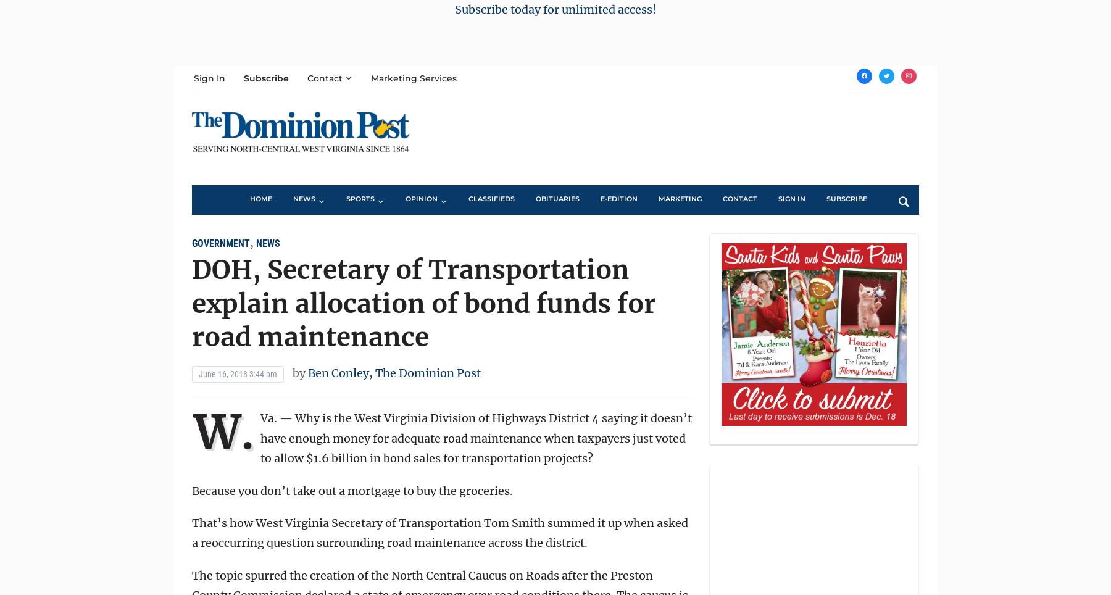  What do you see at coordinates (491, 198) in the screenshot?
I see `'Classifieds'` at bounding box center [491, 198].